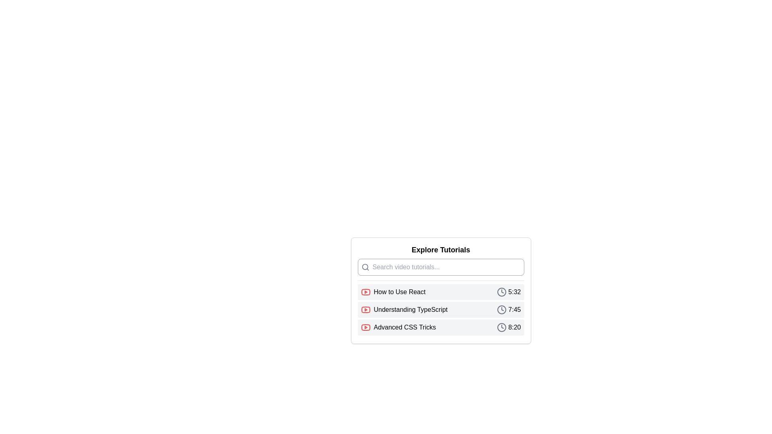 The width and height of the screenshot is (772, 434). What do you see at coordinates (404, 309) in the screenshot?
I see `the tutorial title 'Understanding TypeScript', which is the second entry in the list under 'Explore Tutorials', located between 'How to Use React' and 'Advanced CSS Tricks'` at bounding box center [404, 309].